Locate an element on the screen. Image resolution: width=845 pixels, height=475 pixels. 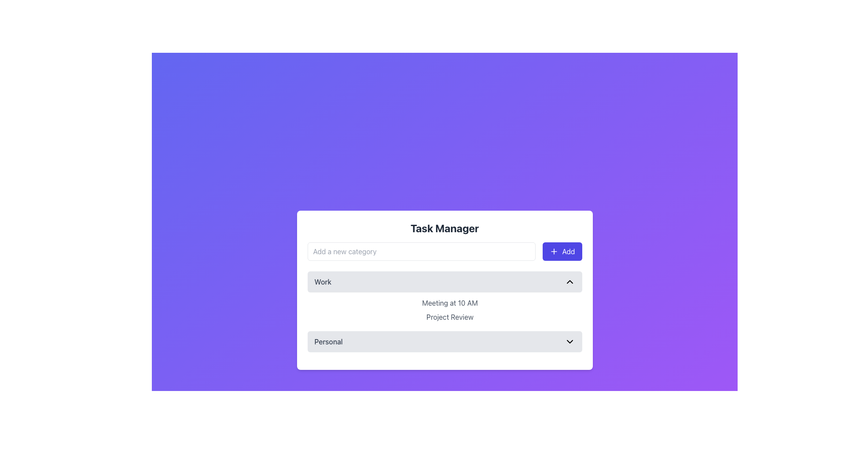
the text label reading 'Personal' that has a gray font color and is positioned to the left of a right-aligned downward-pointing chevron icon is located at coordinates (328, 341).